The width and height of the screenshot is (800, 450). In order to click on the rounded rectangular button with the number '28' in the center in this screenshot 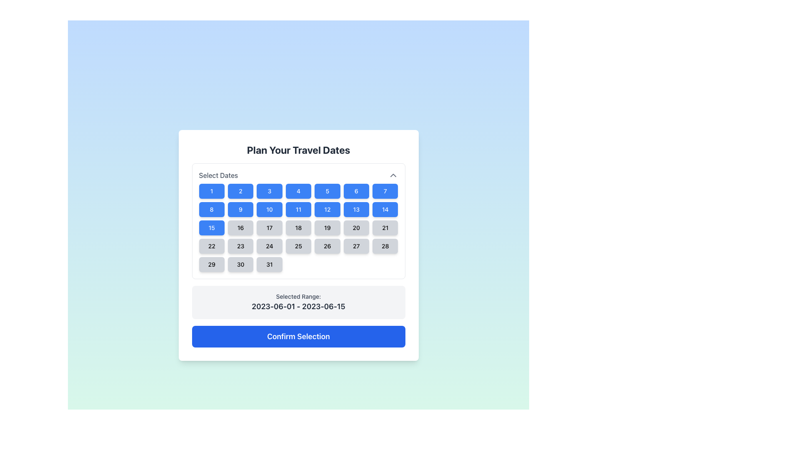, I will do `click(385, 245)`.